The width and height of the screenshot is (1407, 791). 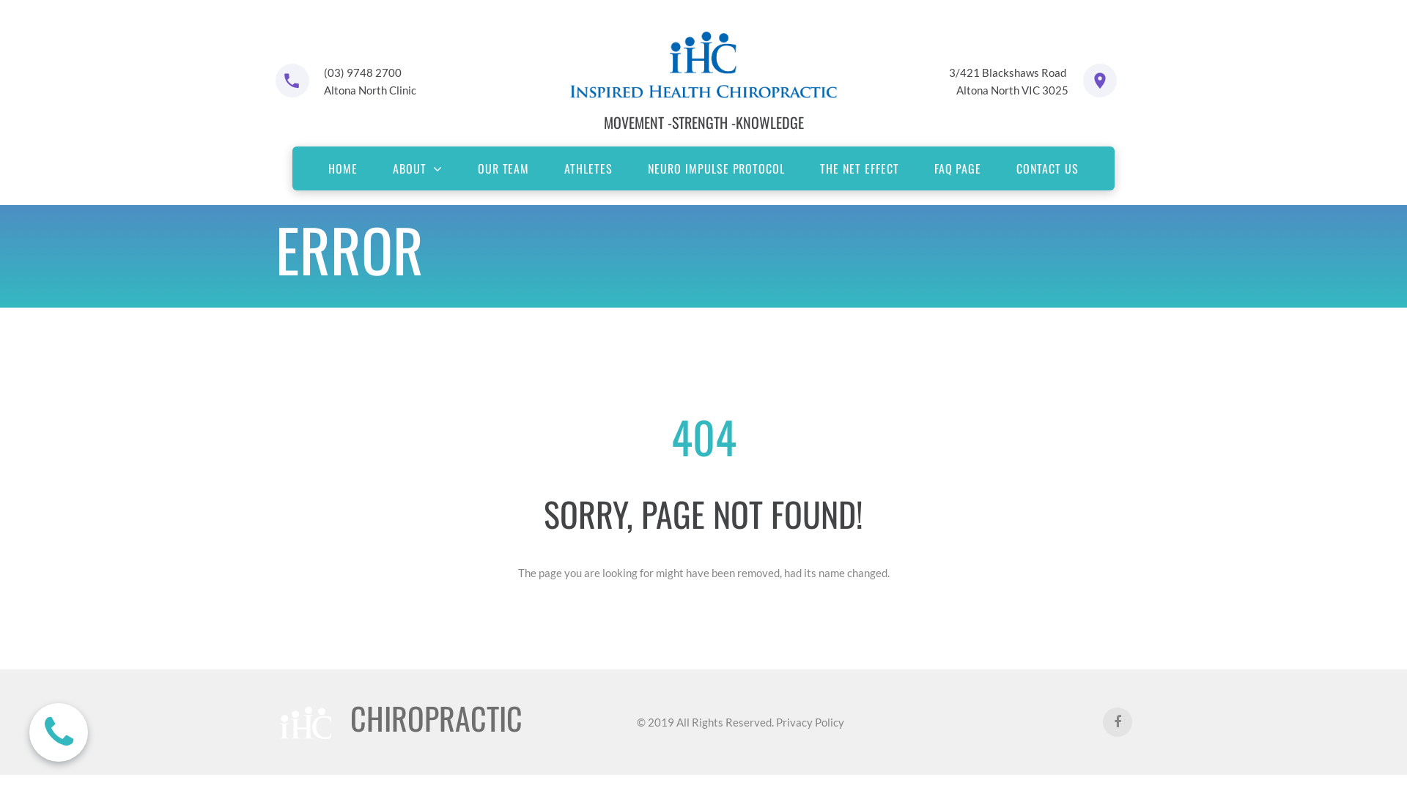 I want to click on 'FAQ PAGE', so click(x=958, y=168).